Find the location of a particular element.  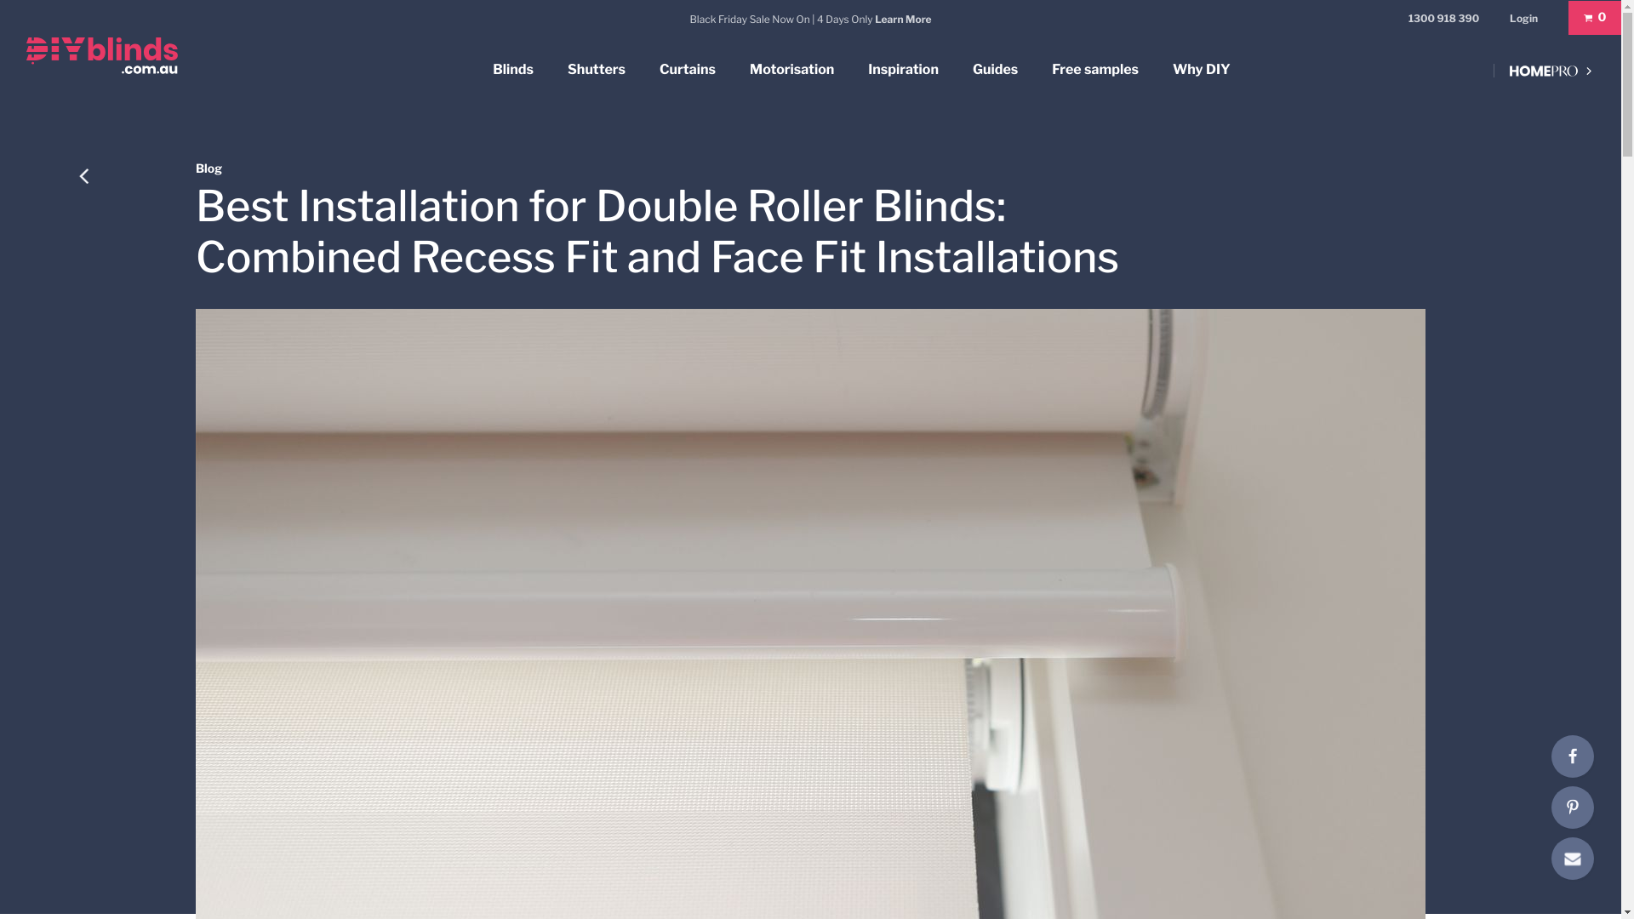

'Facebook' is located at coordinates (1572, 755).